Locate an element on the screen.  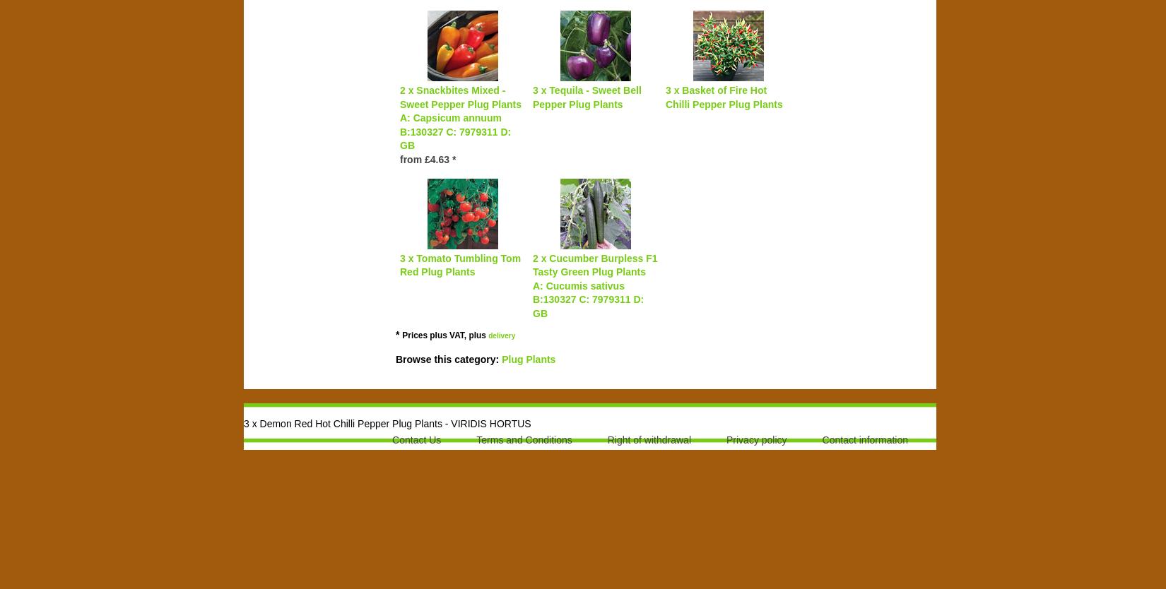
'2 x Cucumber Burpless F1 Tasty Green Plug Plants A: Cucumis sativus B:130327 C: 7979311 D: GB' is located at coordinates (594, 284).